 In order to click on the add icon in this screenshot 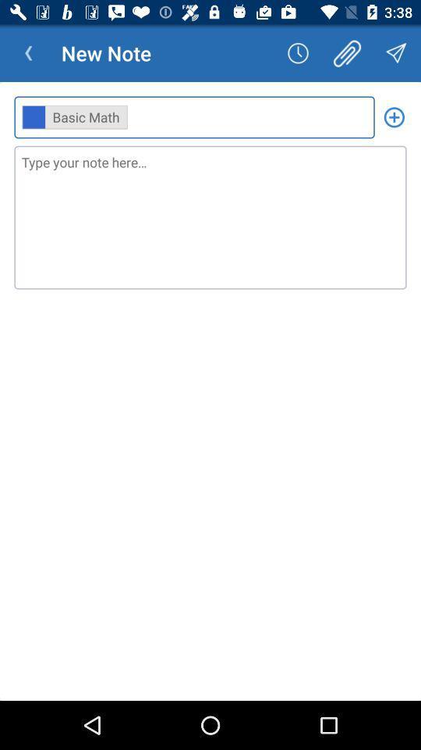, I will do `click(393, 116)`.